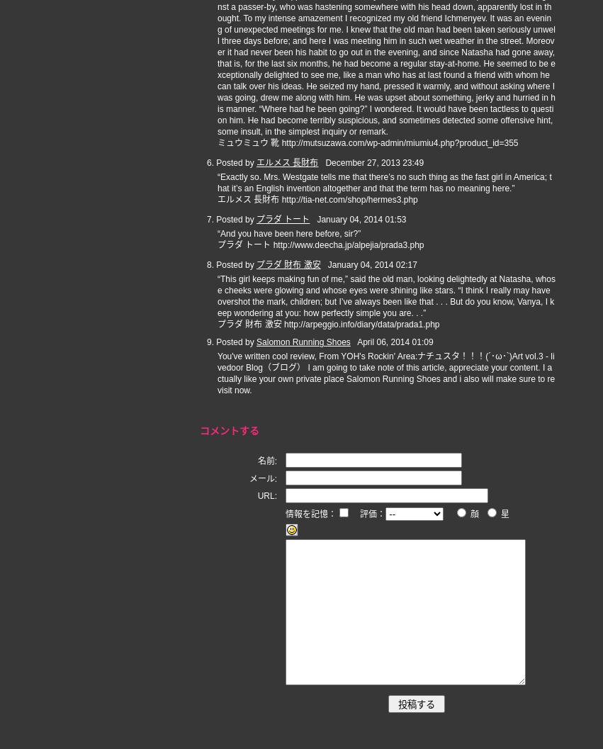 The width and height of the screenshot is (603, 749). Describe the element at coordinates (288, 233) in the screenshot. I see `'“And you have been here before, sir?”'` at that location.